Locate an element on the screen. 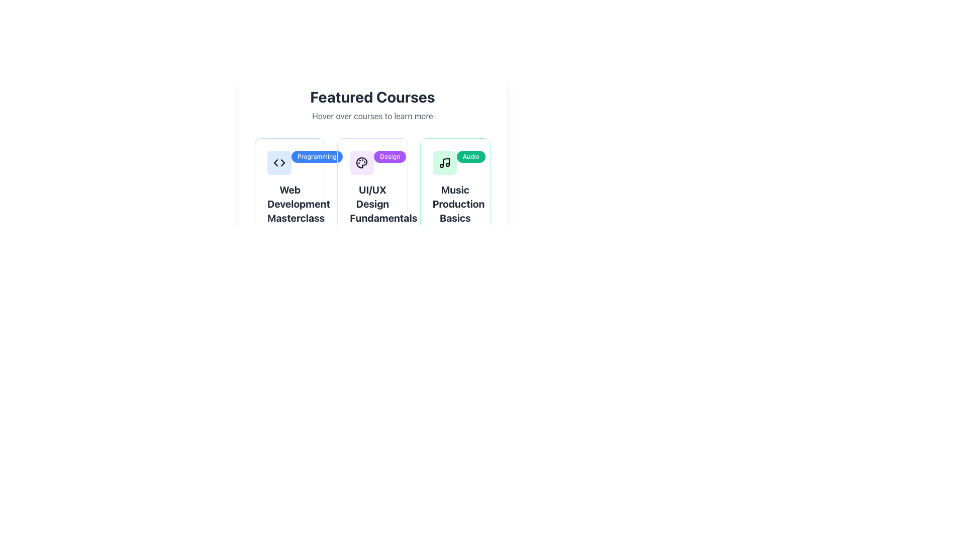 This screenshot has width=965, height=543. the static informational message located below the 'Featured Courses' title, which provides guidance or instructions for users is located at coordinates (372, 116).